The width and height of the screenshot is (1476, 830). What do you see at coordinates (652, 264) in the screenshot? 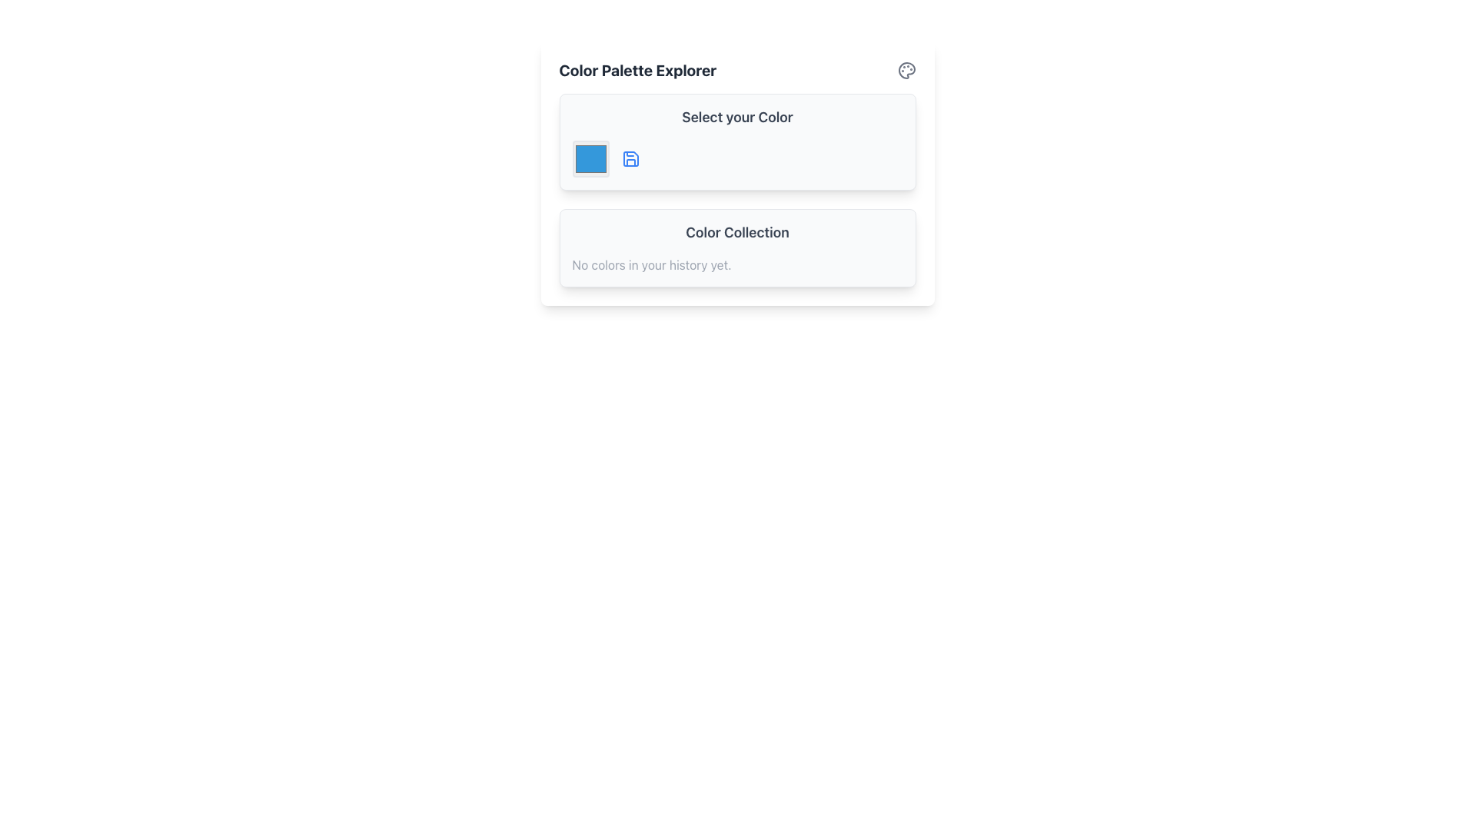
I see `message displayed in the light gray text label that states 'No colors in your history yet.' within the 'Color Collection' section of the 'Color Palette Explorer' interface` at bounding box center [652, 264].